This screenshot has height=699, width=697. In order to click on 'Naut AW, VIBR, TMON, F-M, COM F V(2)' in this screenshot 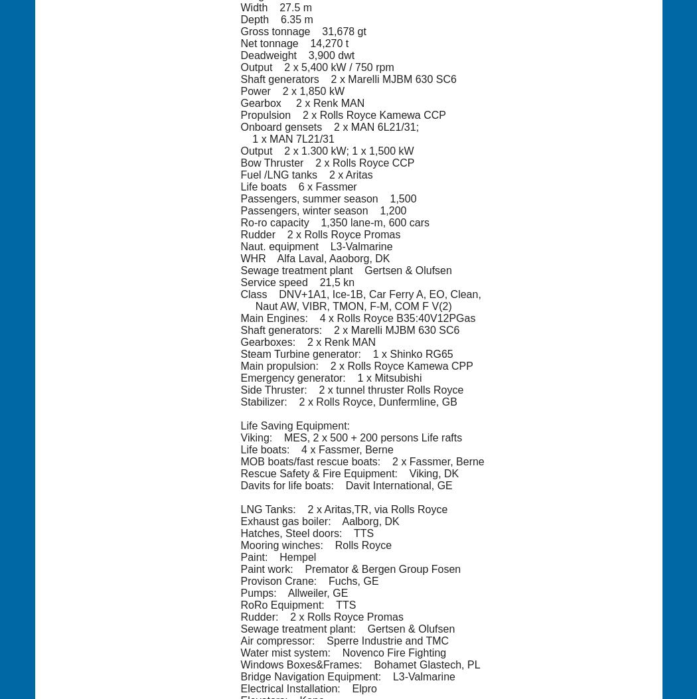, I will do `click(345, 305)`.